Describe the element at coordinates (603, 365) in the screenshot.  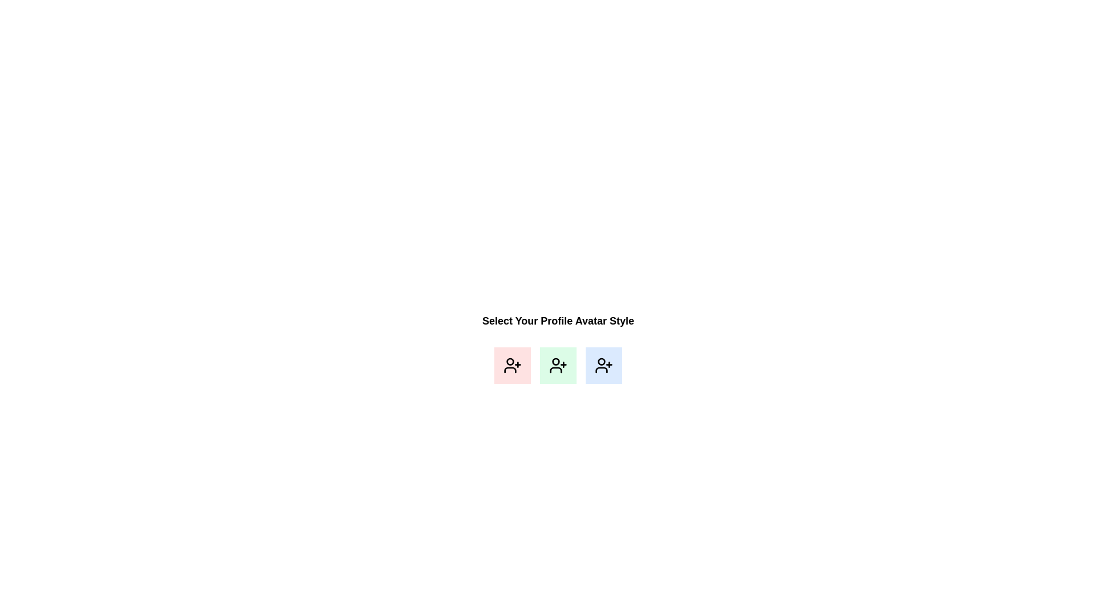
I see `the Selectable Avatar Style Option, which is a square component with a light blue background and a black user silhouette icon with a plus sign` at that location.